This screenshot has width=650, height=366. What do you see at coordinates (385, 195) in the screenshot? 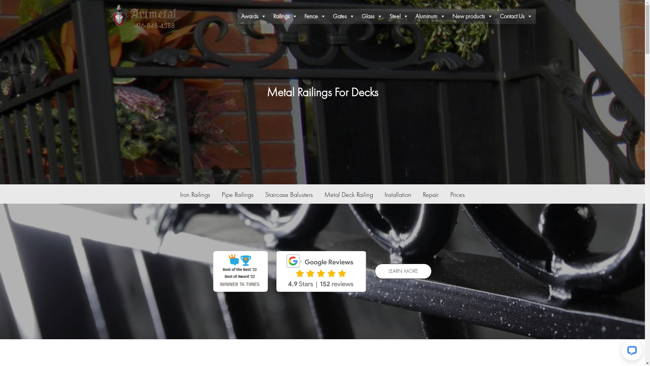
I see `'Installation'` at bounding box center [385, 195].